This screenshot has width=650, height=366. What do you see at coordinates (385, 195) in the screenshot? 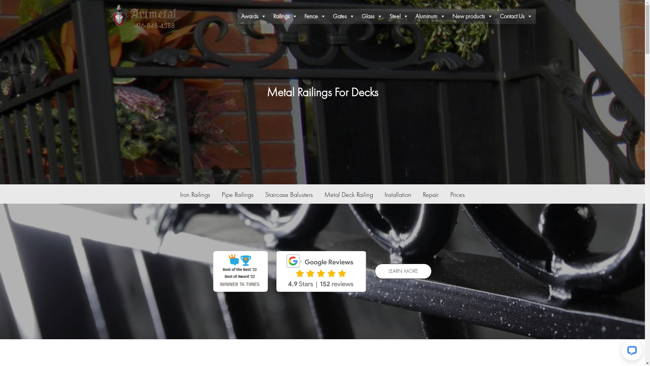
I see `'Installation'` at bounding box center [385, 195].